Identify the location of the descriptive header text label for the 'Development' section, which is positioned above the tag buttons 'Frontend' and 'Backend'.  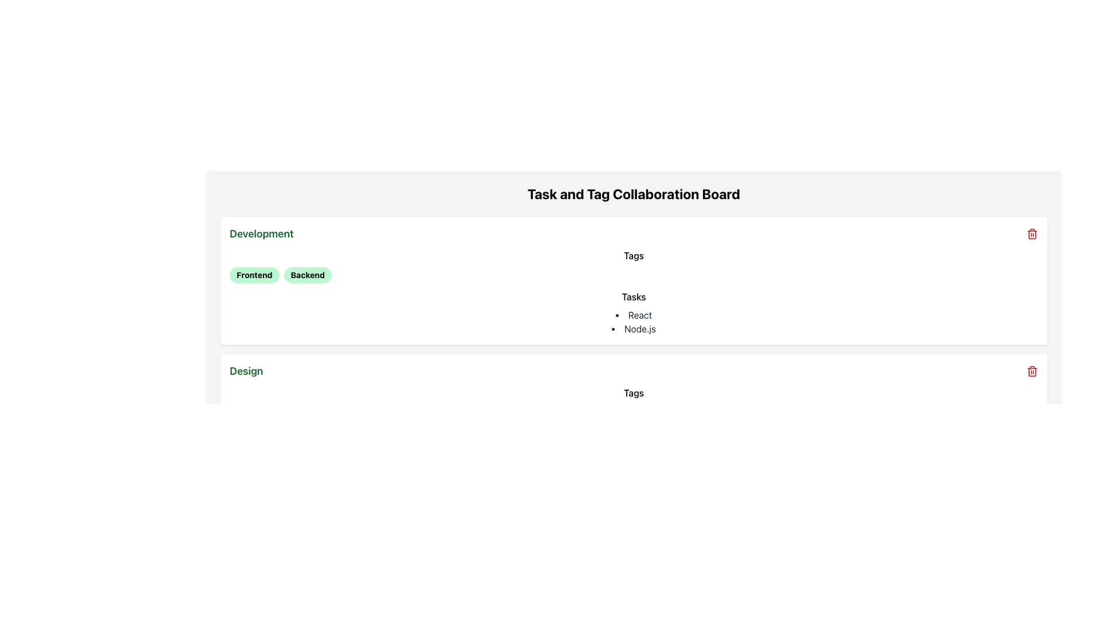
(633, 255).